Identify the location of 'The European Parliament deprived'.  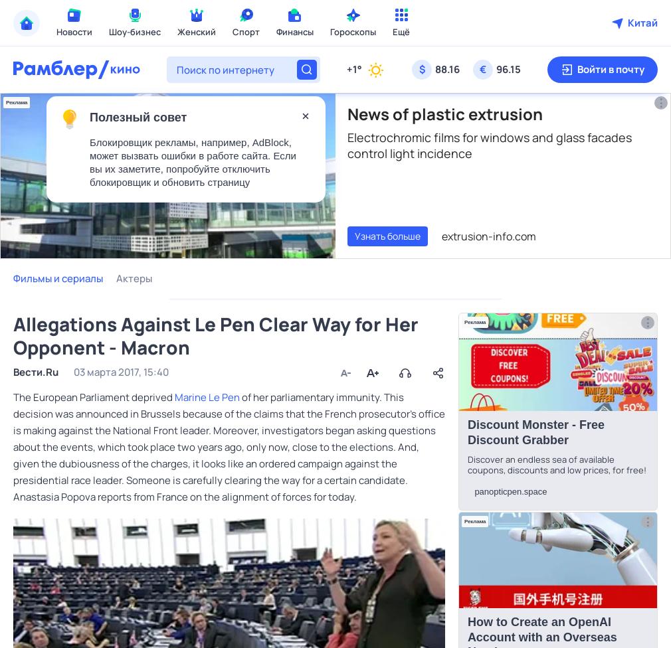
(12, 397).